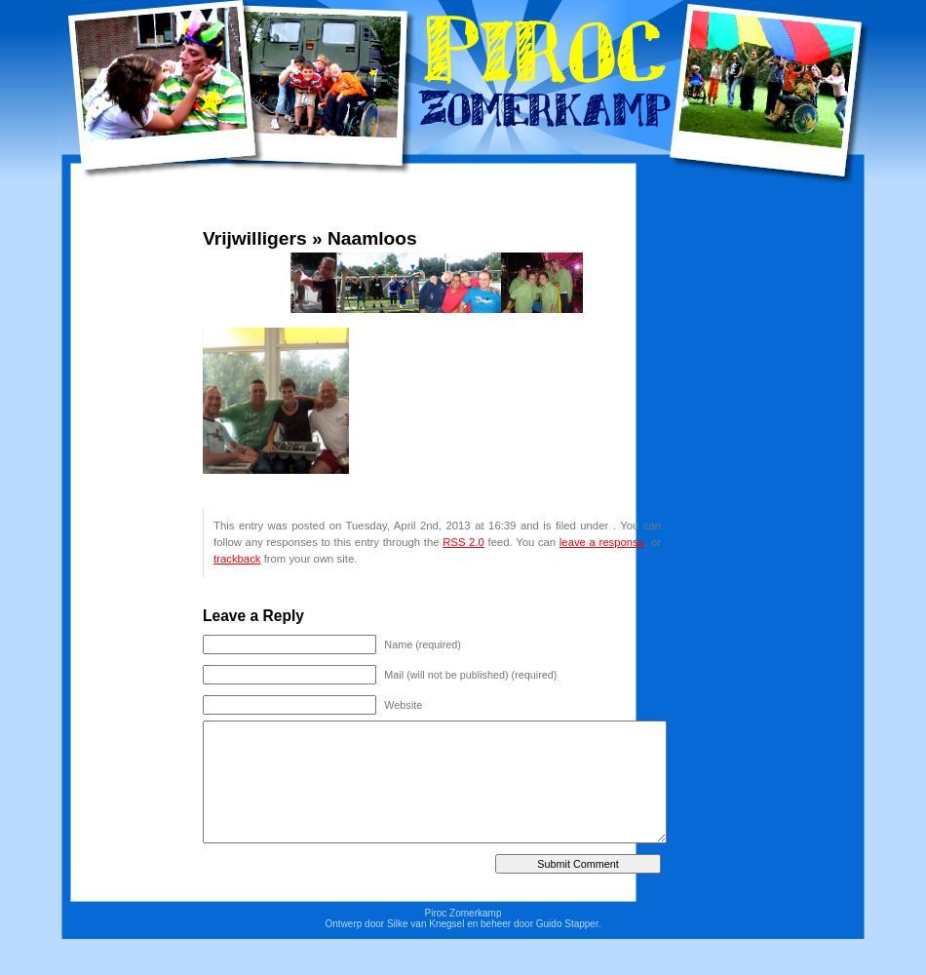  What do you see at coordinates (436, 532) in the screenshot?
I see `'This entry was posted on Tuesday, April 2nd, 2013 at 16:39						and is filed under .
												You can follow any responses to this entry through the'` at bounding box center [436, 532].